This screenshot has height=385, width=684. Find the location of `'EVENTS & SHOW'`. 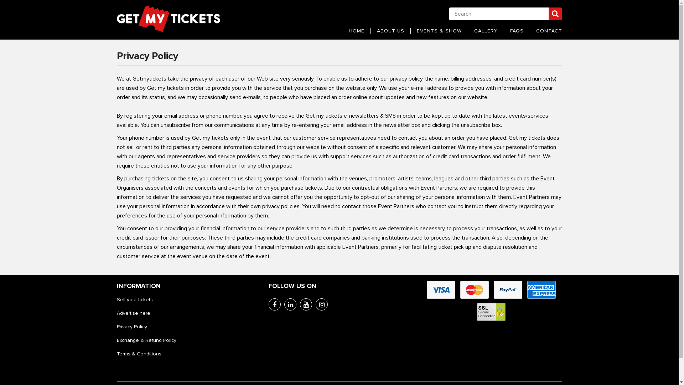

'EVENTS & SHOW' is located at coordinates (439, 31).